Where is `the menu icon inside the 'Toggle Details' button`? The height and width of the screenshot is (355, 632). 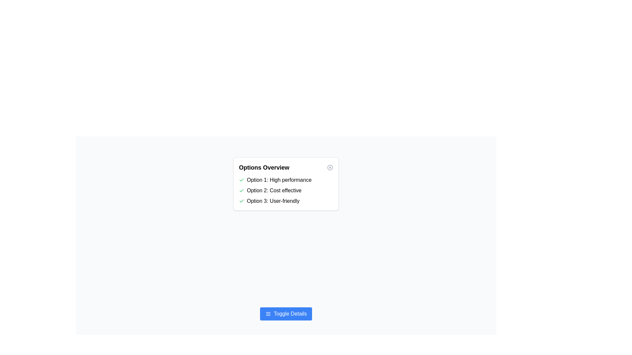 the menu icon inside the 'Toggle Details' button is located at coordinates (268, 314).